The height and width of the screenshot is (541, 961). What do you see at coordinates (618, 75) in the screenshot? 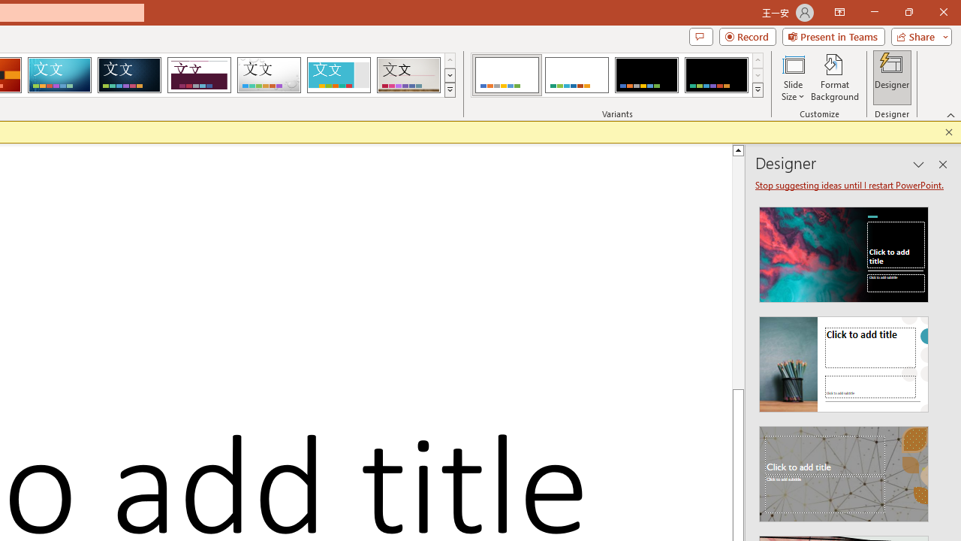
I see `'AutomationID: ThemeVariantsGallery'` at bounding box center [618, 75].